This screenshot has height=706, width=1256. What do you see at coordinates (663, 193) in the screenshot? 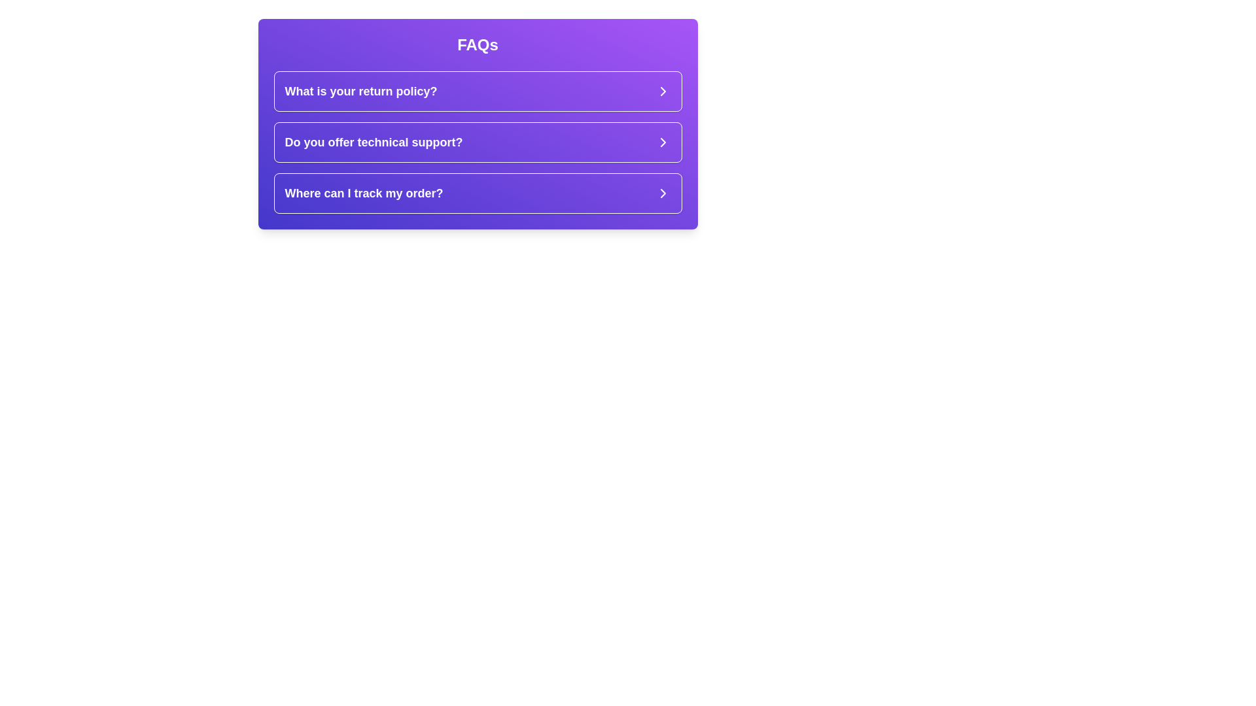
I see `the chevron arrow icon pointing to the right, which is part of the navigational interface located at the end of the list item labeled 'Where can I track my order?'` at bounding box center [663, 193].